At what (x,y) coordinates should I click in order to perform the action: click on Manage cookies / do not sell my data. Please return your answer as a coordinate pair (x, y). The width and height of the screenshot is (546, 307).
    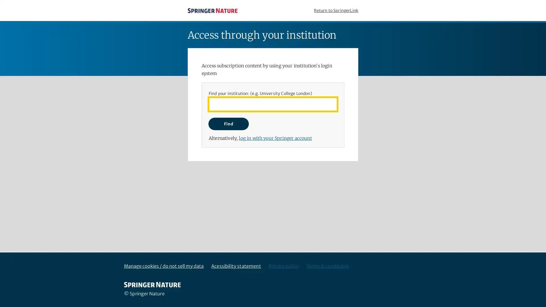
    Looking at the image, I should click on (164, 266).